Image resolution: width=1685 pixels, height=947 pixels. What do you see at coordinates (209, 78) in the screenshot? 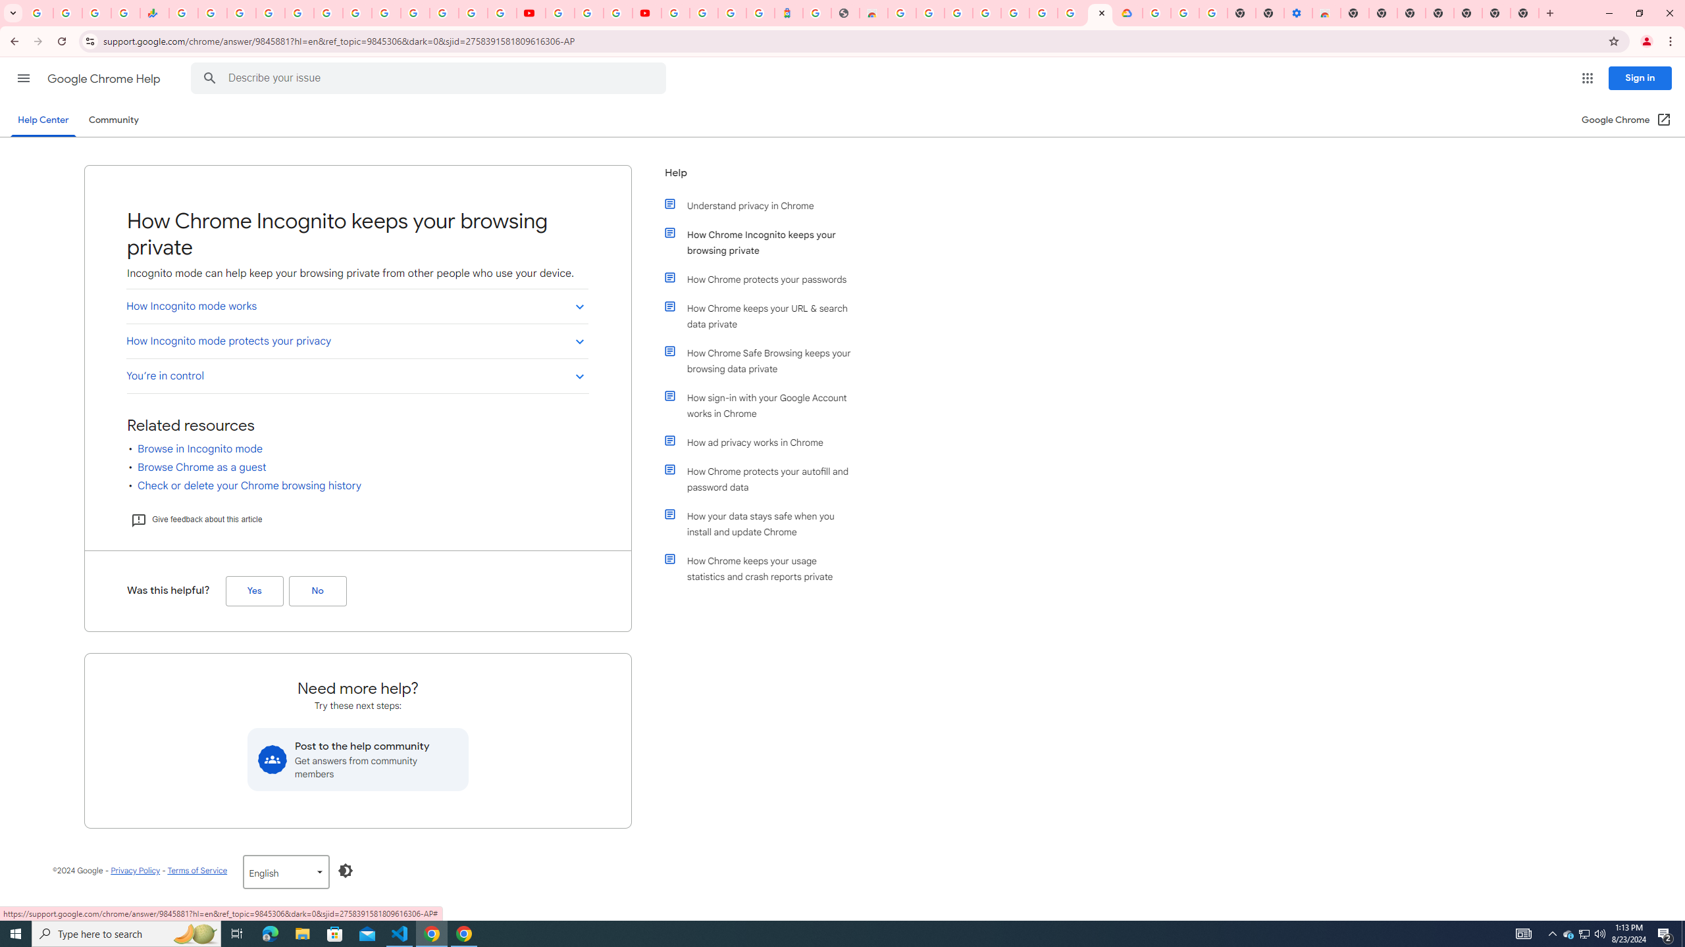
I see `'Search Help Center'` at bounding box center [209, 78].